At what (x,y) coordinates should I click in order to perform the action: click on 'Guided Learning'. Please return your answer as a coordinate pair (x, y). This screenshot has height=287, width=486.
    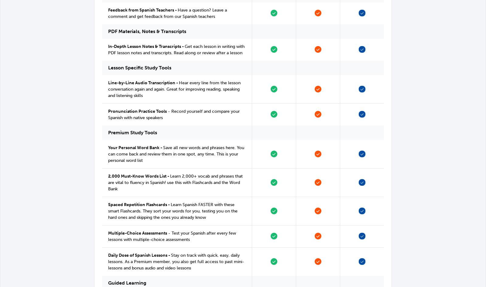
    Looking at the image, I should click on (127, 282).